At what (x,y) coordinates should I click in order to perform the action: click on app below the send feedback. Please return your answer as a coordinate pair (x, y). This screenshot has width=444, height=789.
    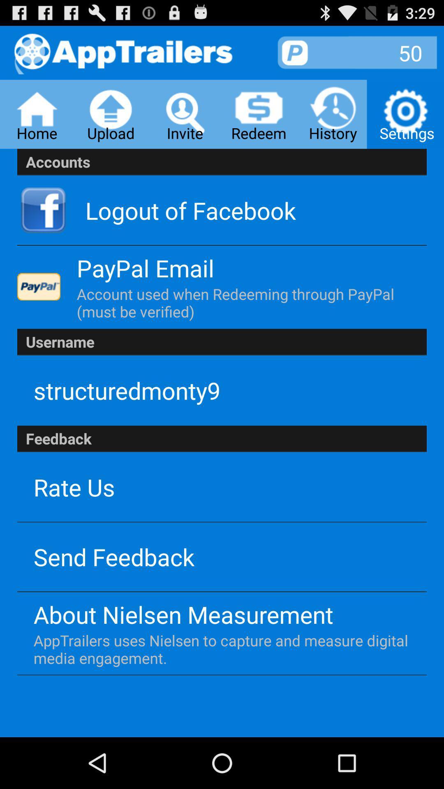
    Looking at the image, I should click on (183, 614).